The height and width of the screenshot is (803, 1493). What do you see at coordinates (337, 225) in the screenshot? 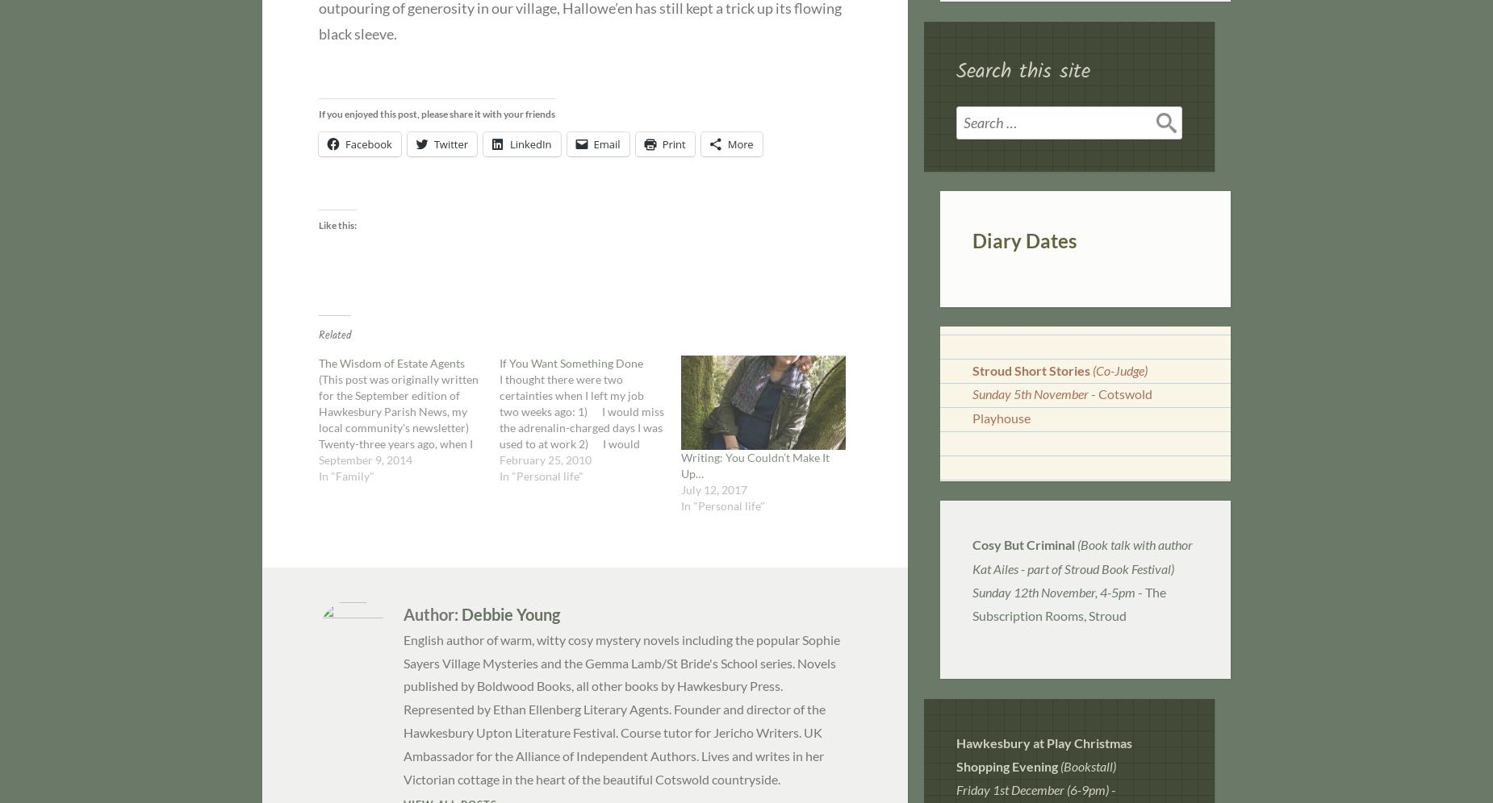
I see `'Like this:'` at bounding box center [337, 225].